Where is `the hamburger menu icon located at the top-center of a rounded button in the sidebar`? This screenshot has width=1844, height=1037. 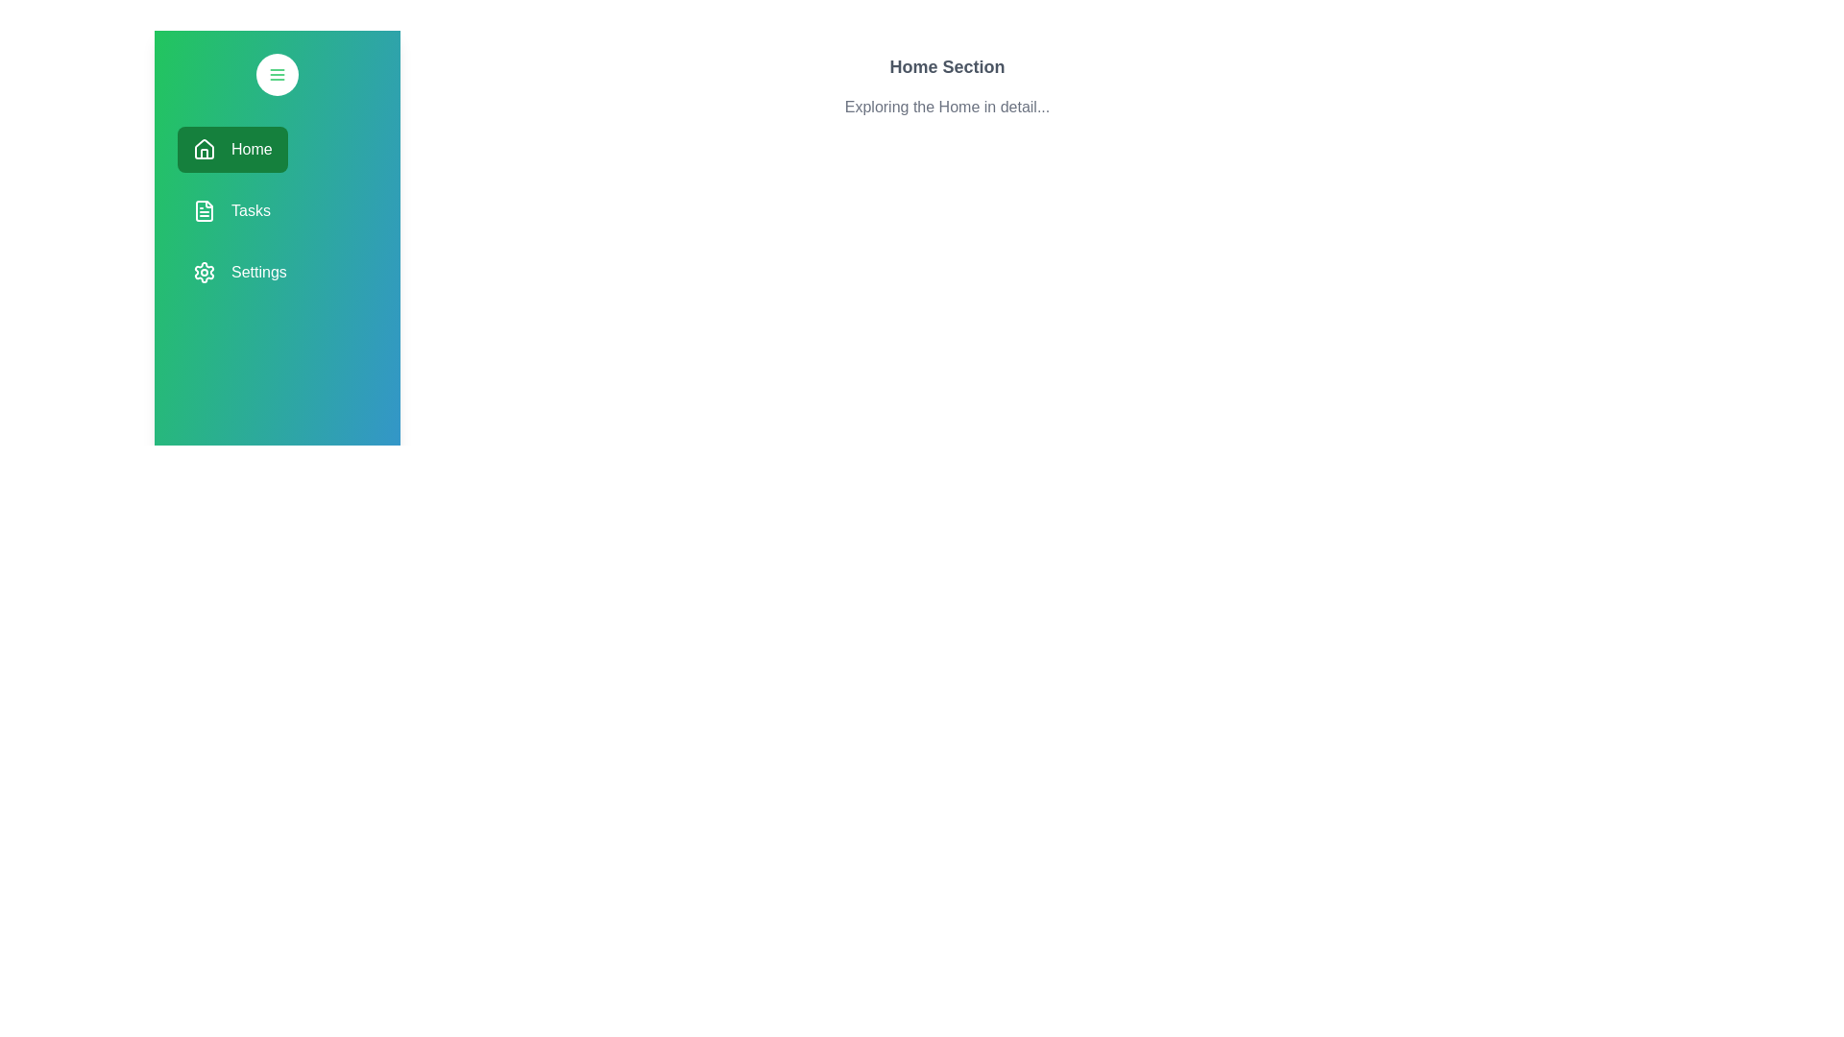 the hamburger menu icon located at the top-center of a rounded button in the sidebar is located at coordinates (276, 73).